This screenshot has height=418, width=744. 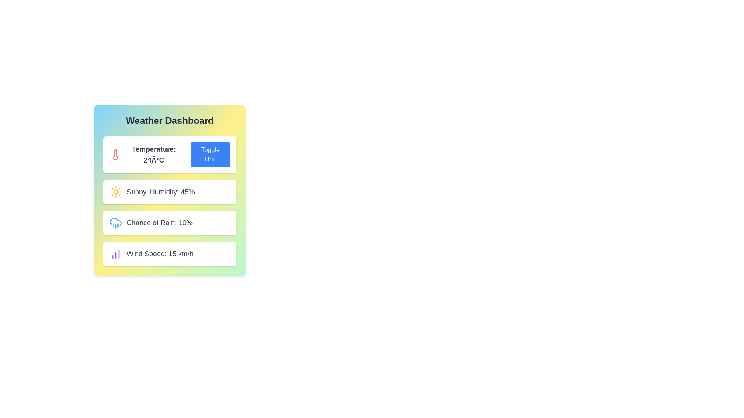 I want to click on the purple bar chart icon located before the text 'Wind Speed: 15 km/h', which is visually distinct with increasing columns and is the leftmost element in its group, so click(x=115, y=254).